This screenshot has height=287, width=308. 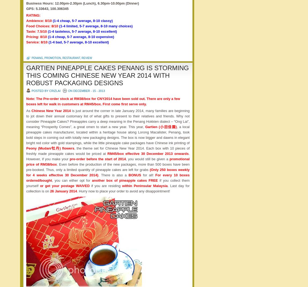 What do you see at coordinates (106, 186) in the screenshot?
I see `'if you are residing'` at bounding box center [106, 186].